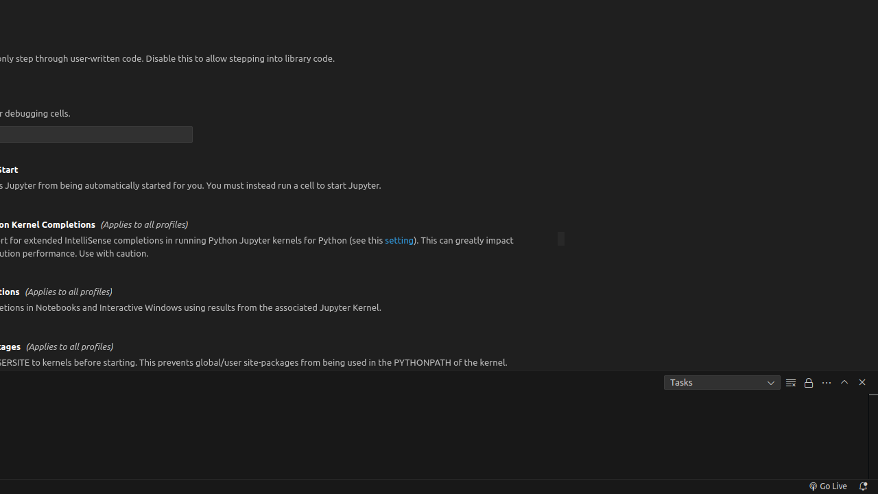 The image size is (878, 494). Describe the element at coordinates (722, 382) in the screenshot. I see `'Tasks'` at that location.